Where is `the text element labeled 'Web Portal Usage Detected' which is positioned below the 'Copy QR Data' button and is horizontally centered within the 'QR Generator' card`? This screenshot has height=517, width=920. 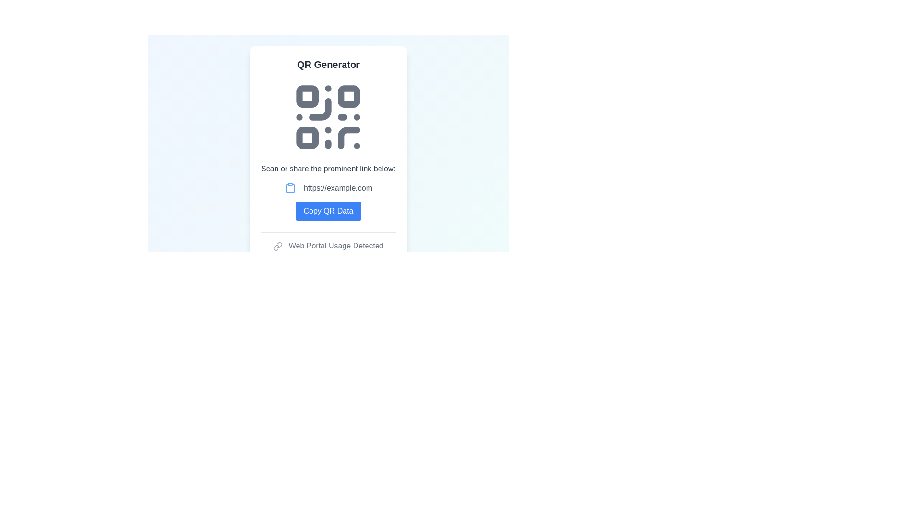 the text element labeled 'Web Portal Usage Detected' which is positioned below the 'Copy QR Data' button and is horizontally centered within the 'QR Generator' card is located at coordinates (328, 245).